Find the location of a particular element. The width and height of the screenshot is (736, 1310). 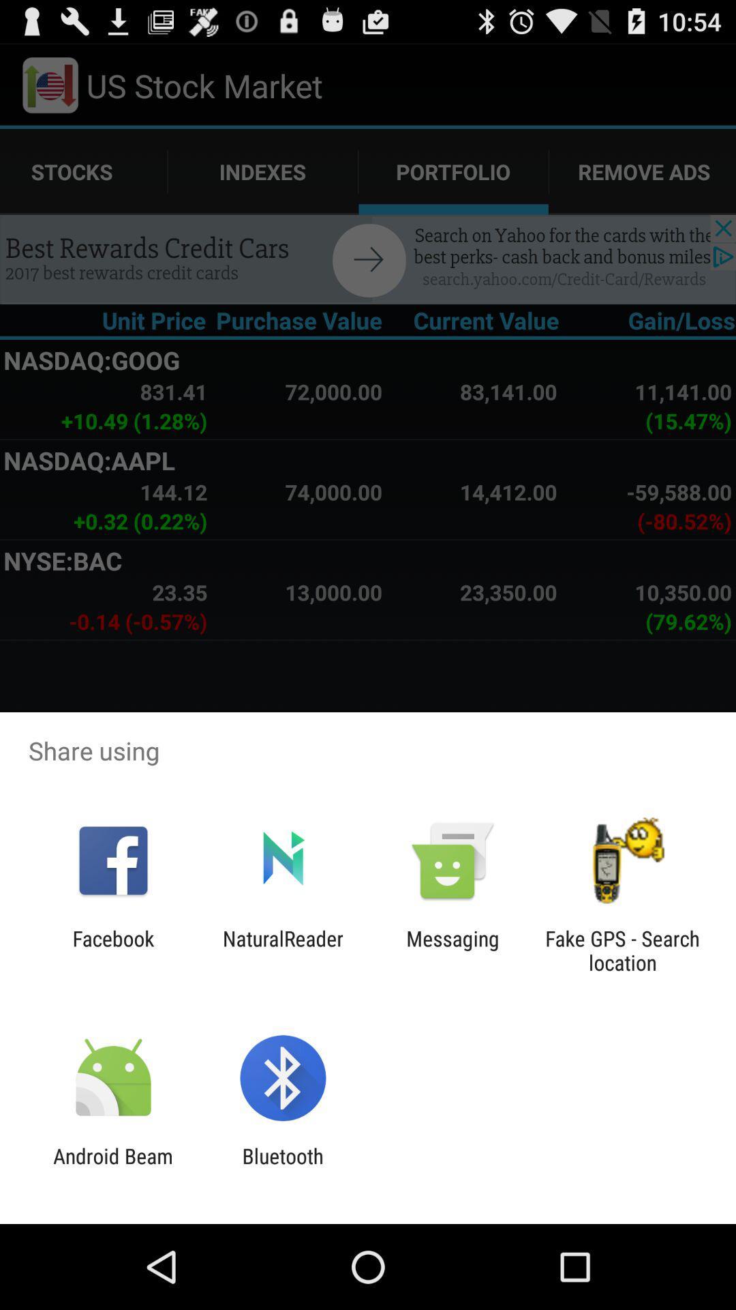

android beam item is located at coordinates (112, 1167).